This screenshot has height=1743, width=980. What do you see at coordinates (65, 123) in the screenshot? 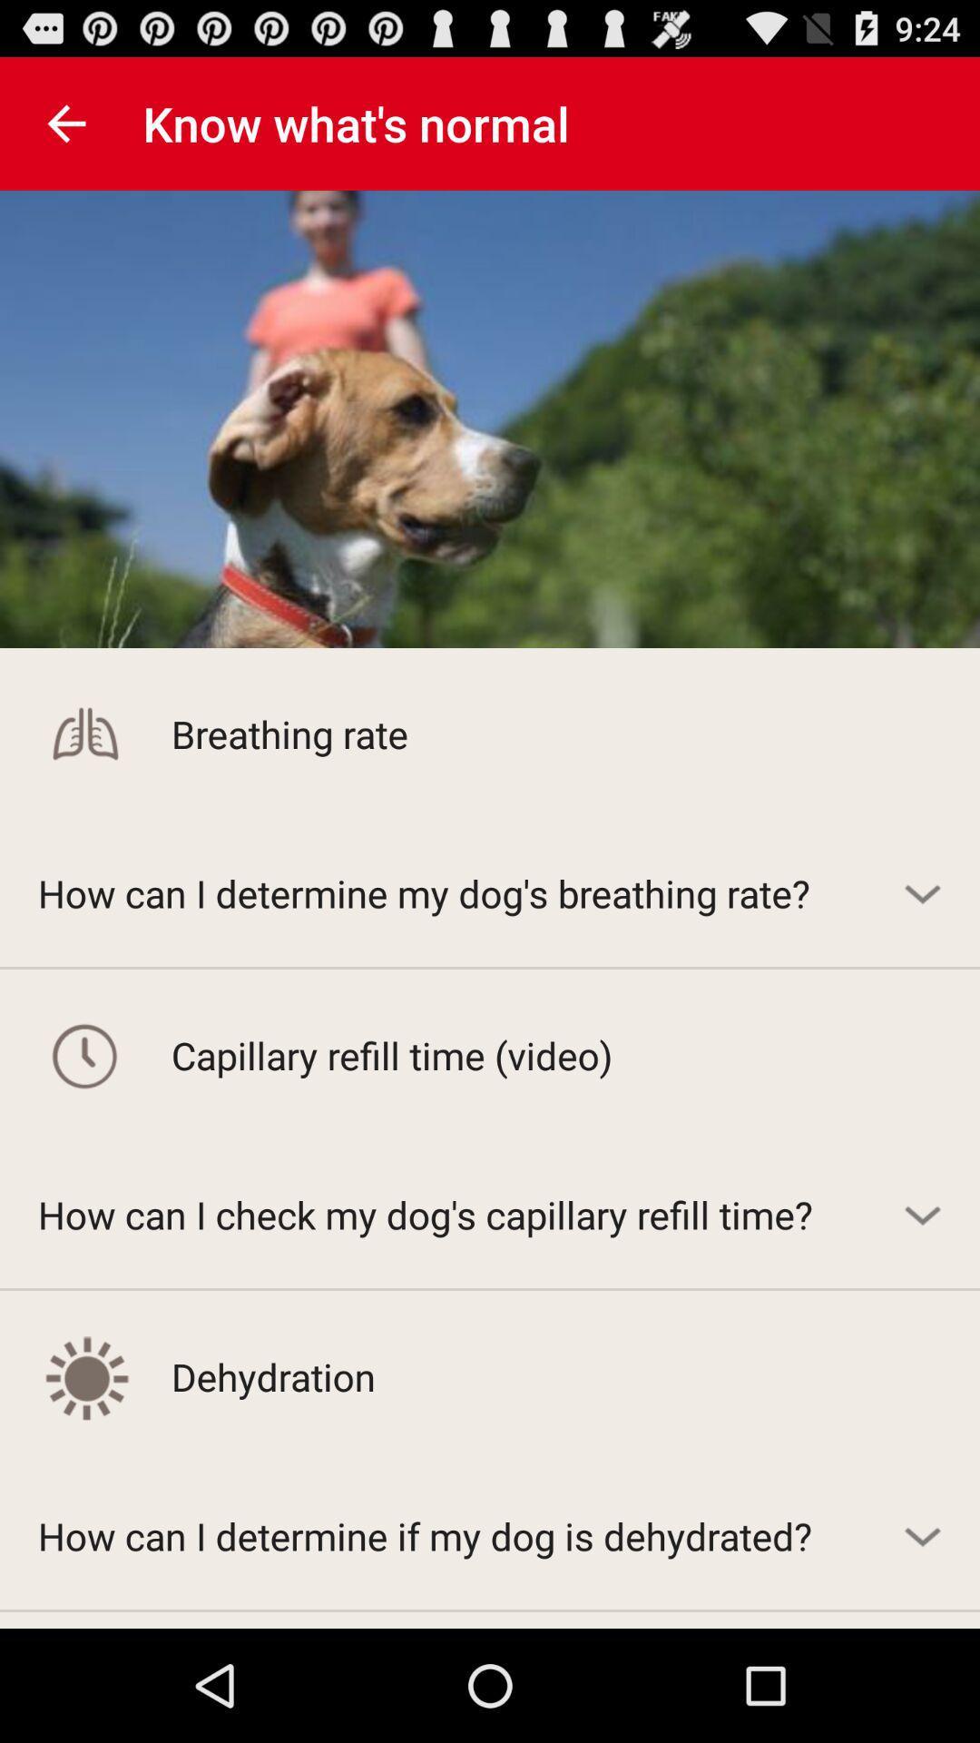
I see `icon to the left of know what s icon` at bounding box center [65, 123].